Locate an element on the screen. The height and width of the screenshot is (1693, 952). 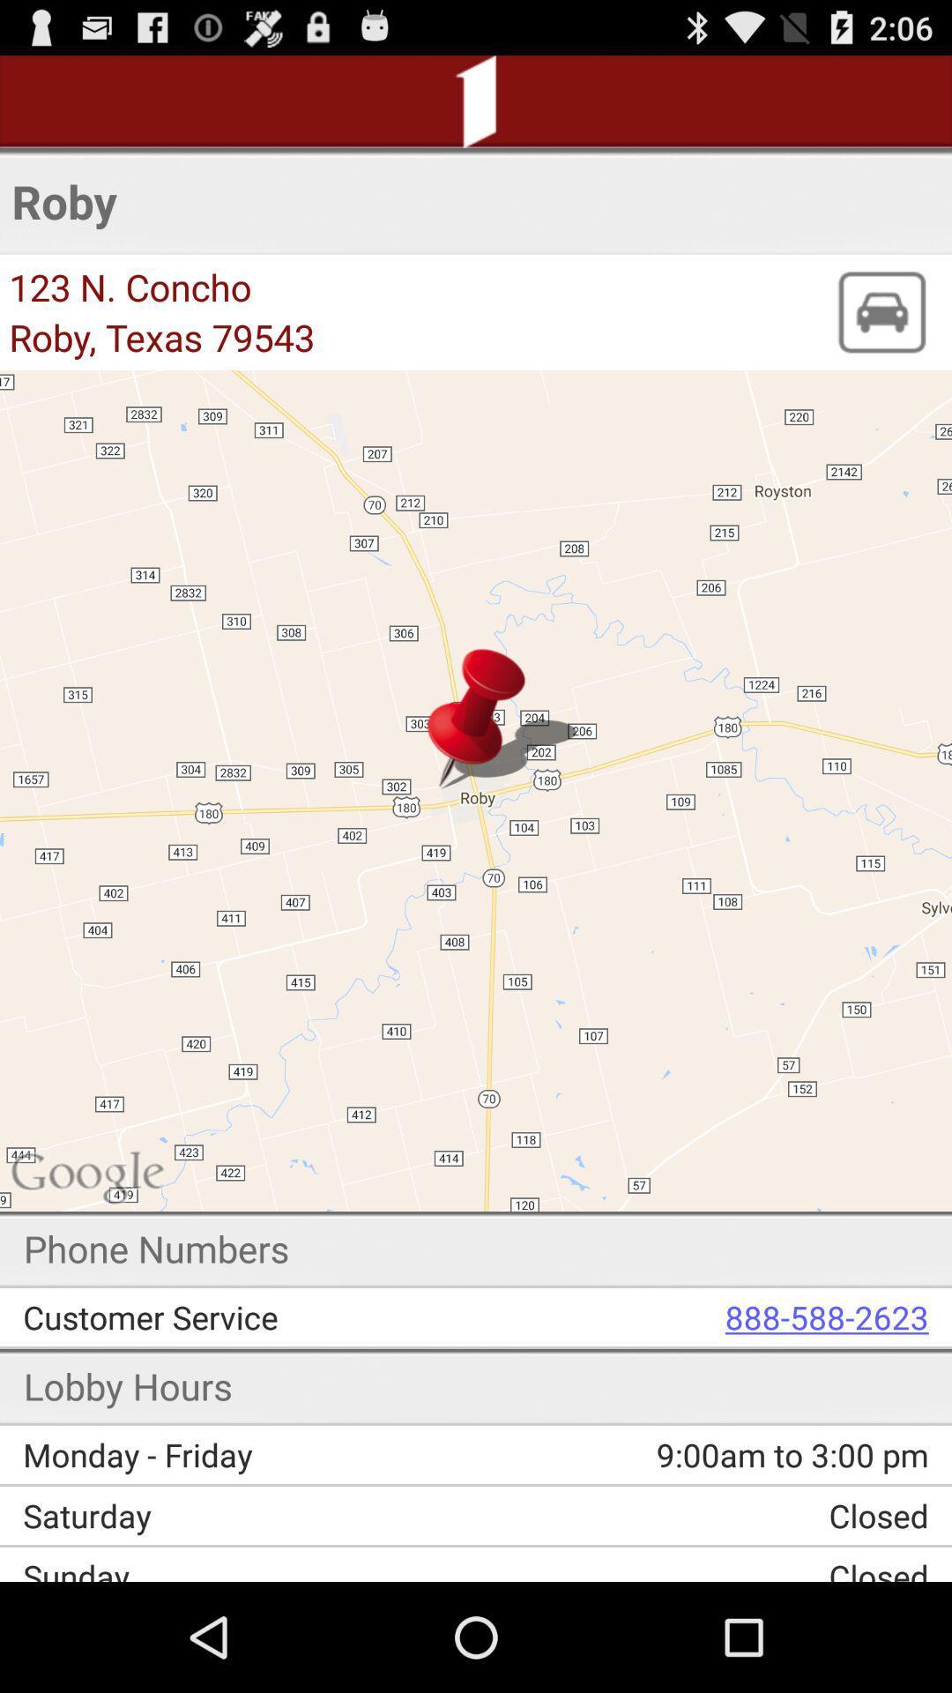
get direction for the car drive is located at coordinates (881, 312).